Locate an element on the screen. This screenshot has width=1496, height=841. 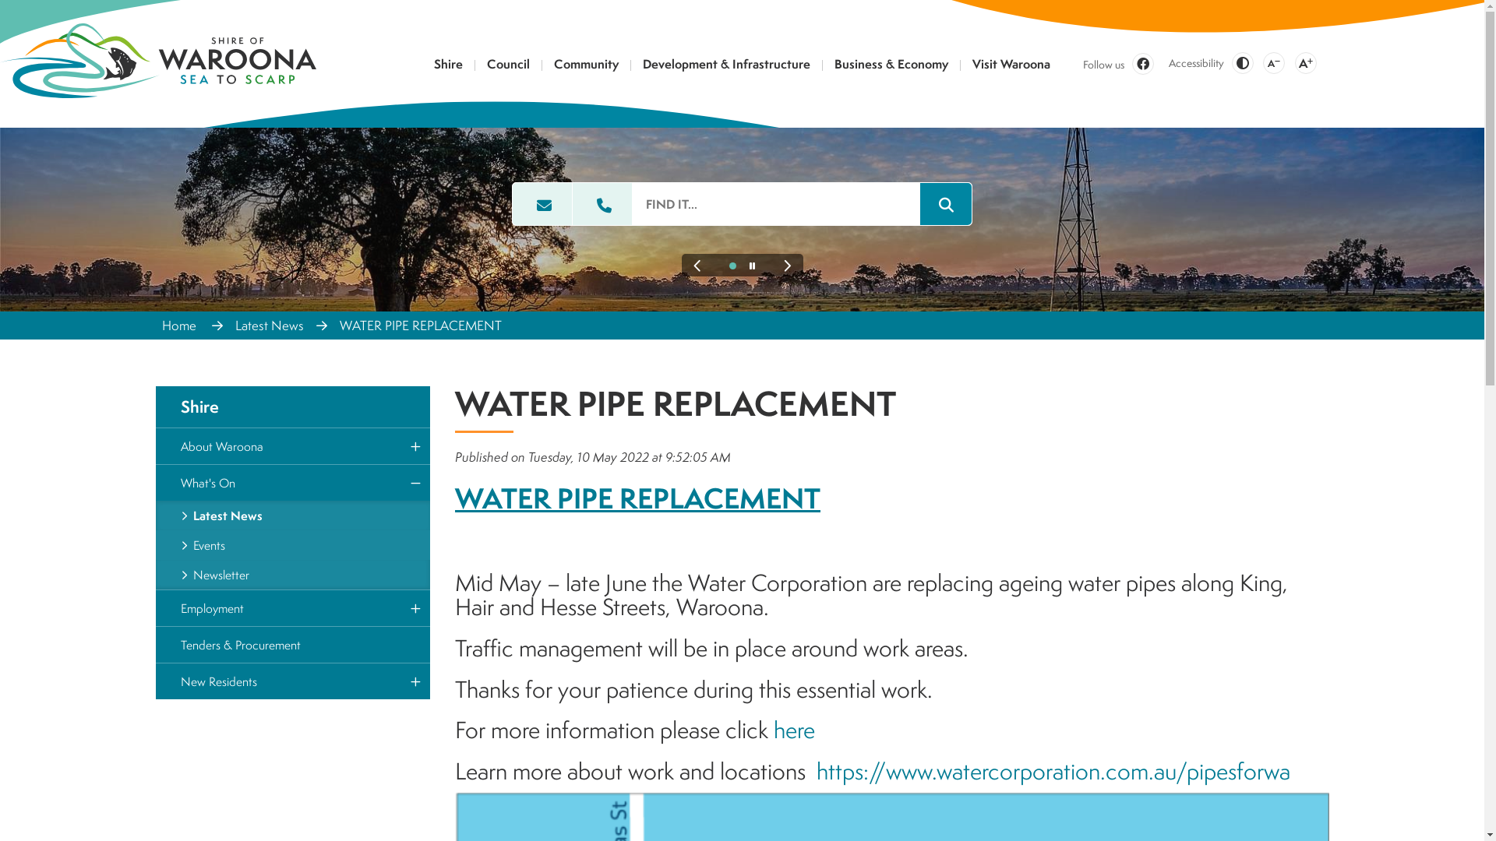
'Previous Slide' is located at coordinates (696, 266).